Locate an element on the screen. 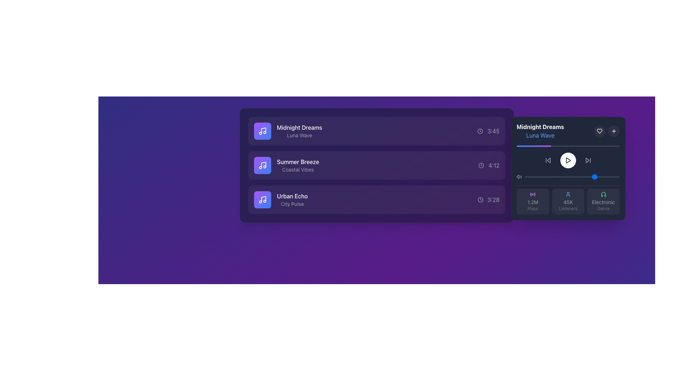  the user statistics icon located in the bottom right corner of the interface, positioned above the text '45K' and 'Listeners' is located at coordinates (568, 194).